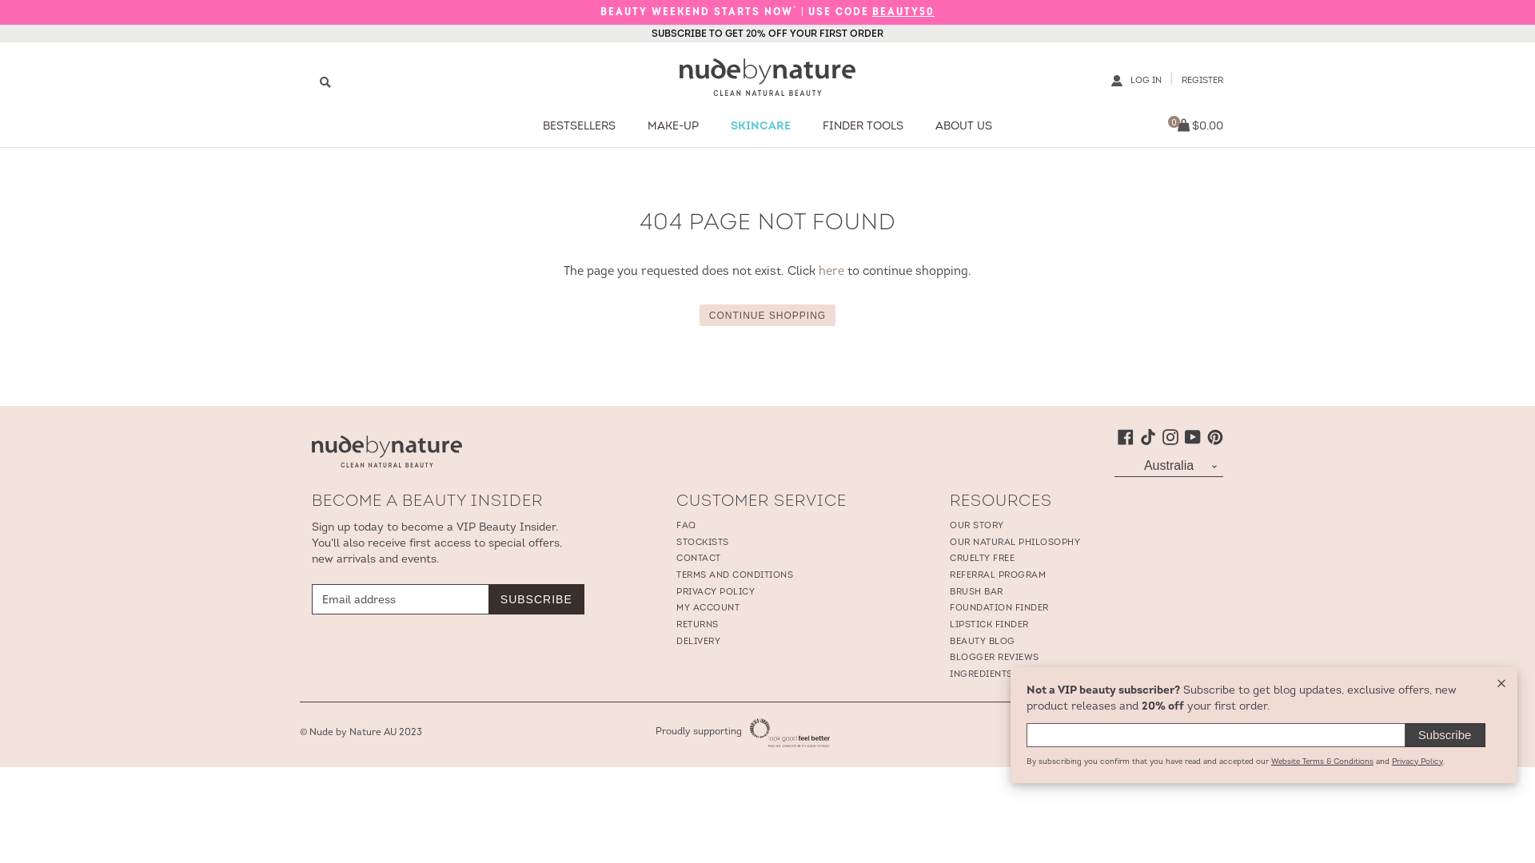  Describe the element at coordinates (976, 526) in the screenshot. I see `'OUR STORY'` at that location.